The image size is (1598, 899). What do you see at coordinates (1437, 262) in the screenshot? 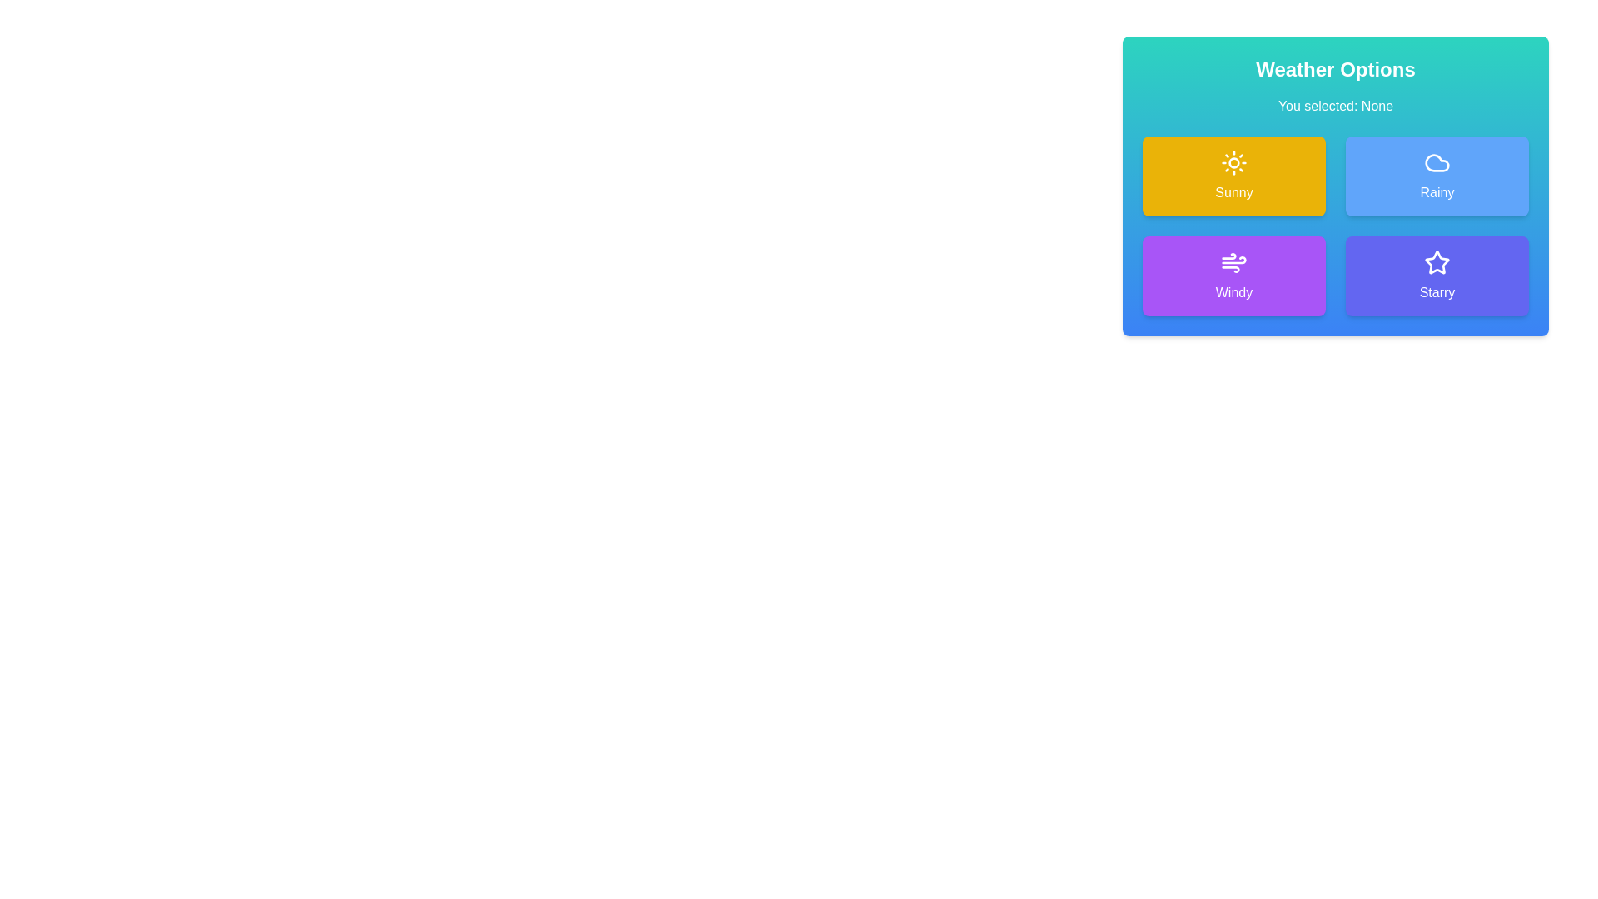
I see `the star icon located in the bottom-right corner of the 'Starry' button` at bounding box center [1437, 262].